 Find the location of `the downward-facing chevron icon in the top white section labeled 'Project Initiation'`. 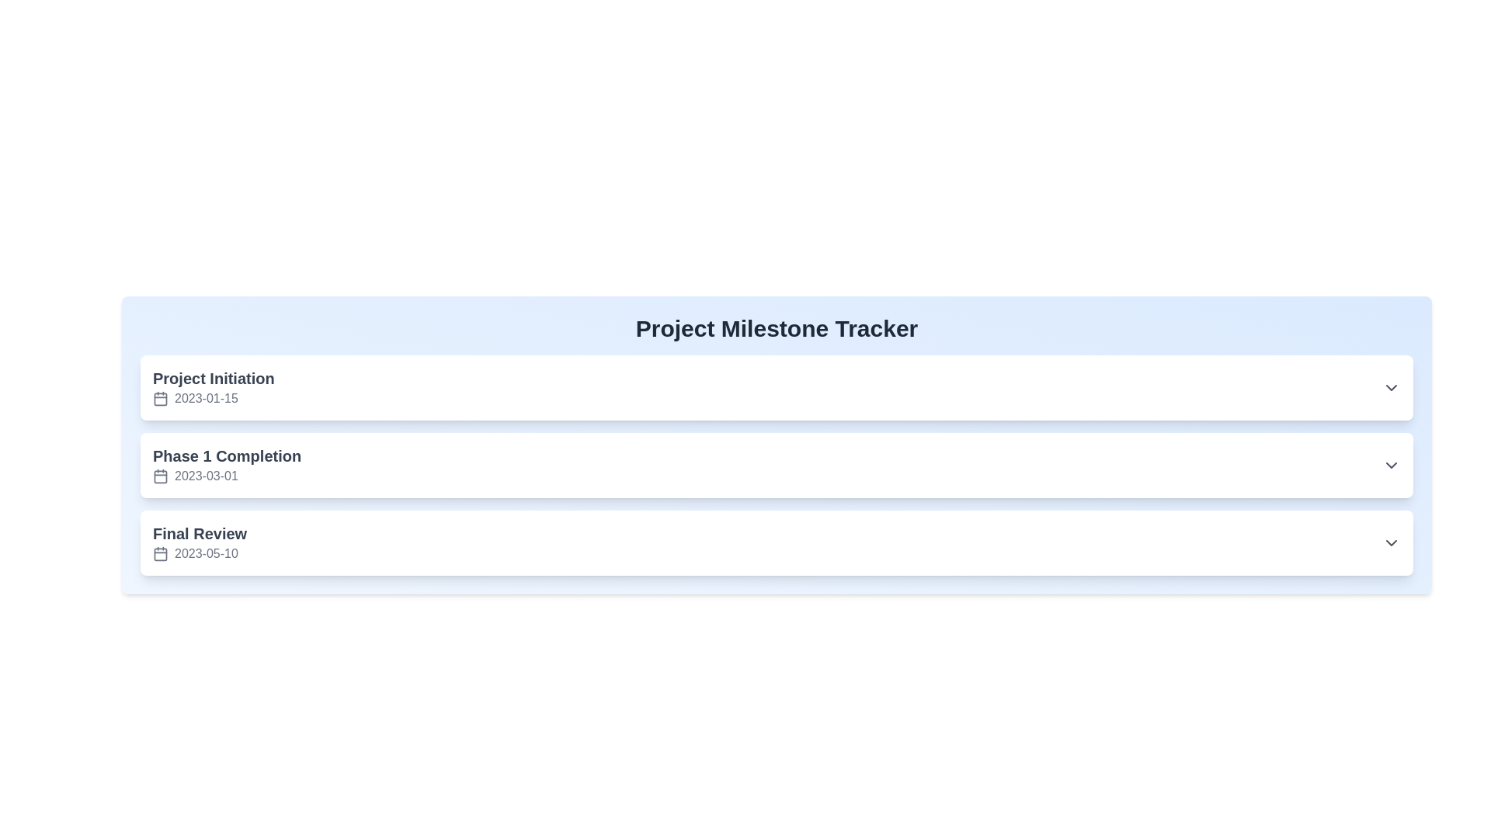

the downward-facing chevron icon in the top white section labeled 'Project Initiation' is located at coordinates (1391, 387).